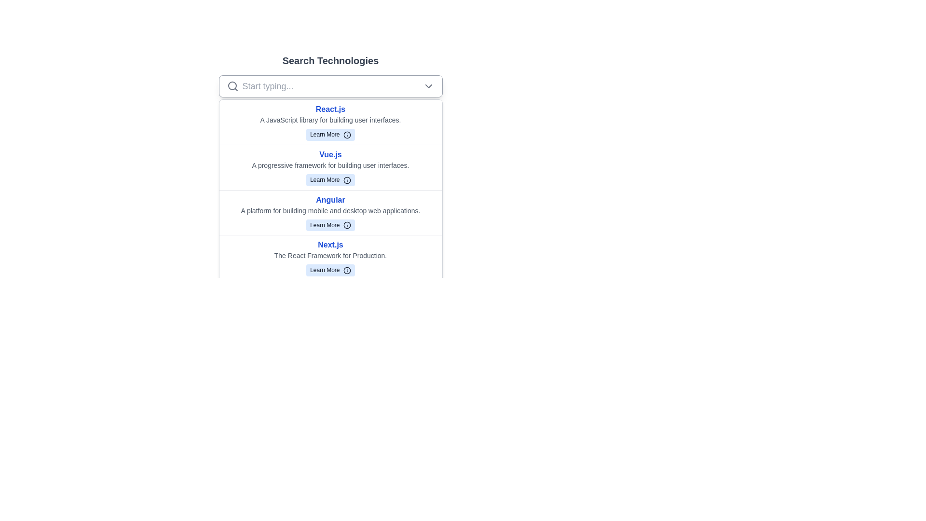 The height and width of the screenshot is (521, 926). What do you see at coordinates (330, 154) in the screenshot?
I see `the static text element styled as a header or title, which is bold blue text indicating the section about the Vue.js framework` at bounding box center [330, 154].